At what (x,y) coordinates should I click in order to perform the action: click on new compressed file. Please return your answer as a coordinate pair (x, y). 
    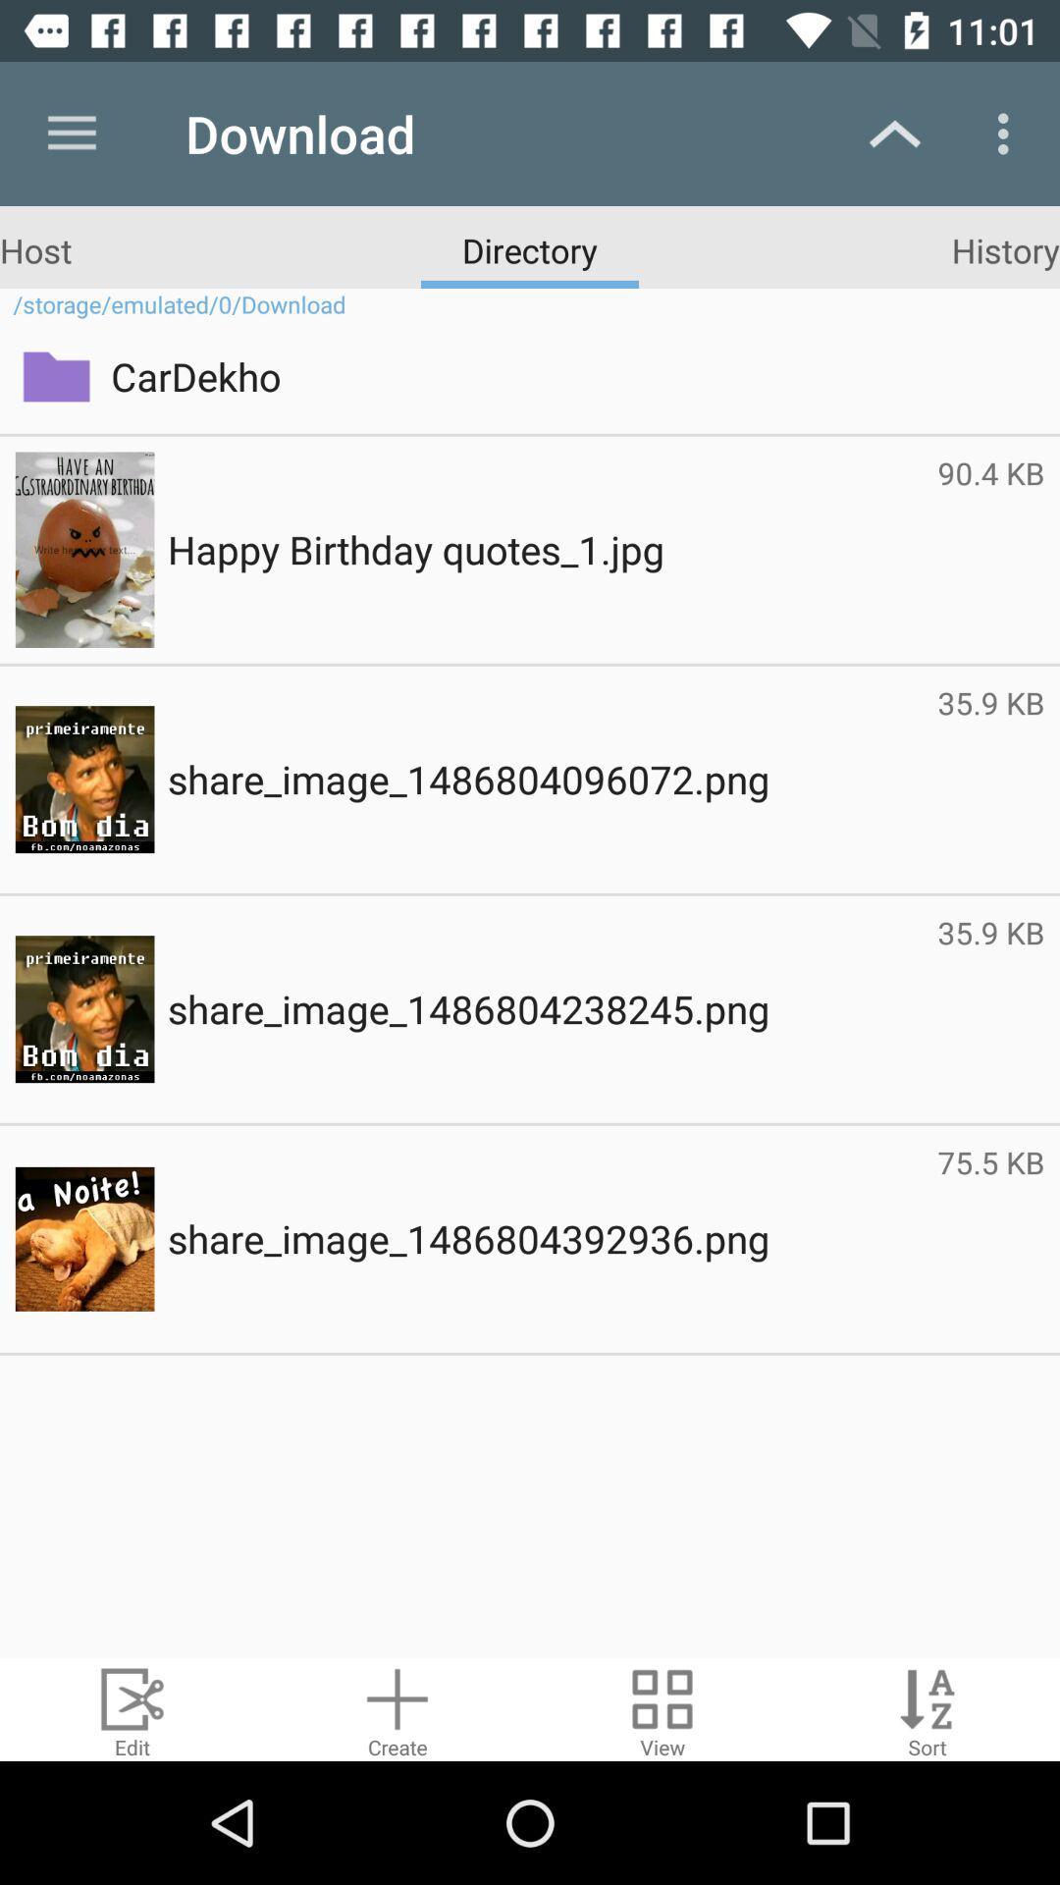
    Looking at the image, I should click on (397, 1708).